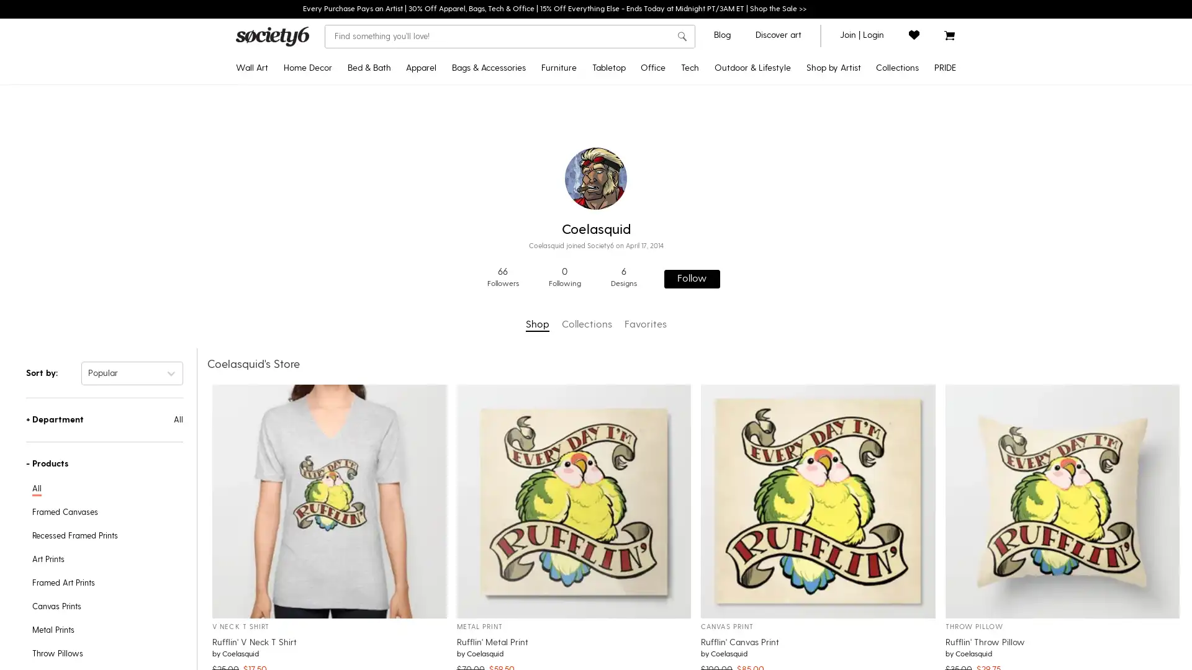  What do you see at coordinates (861, 34) in the screenshot?
I see `join or login` at bounding box center [861, 34].